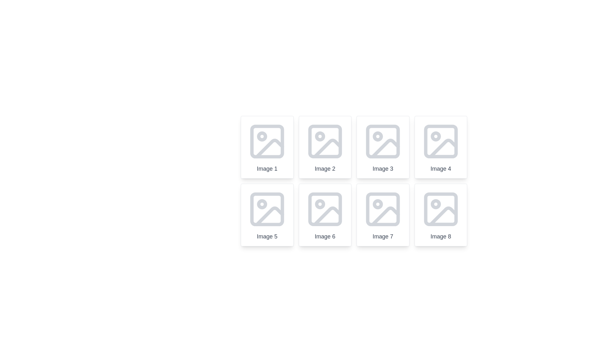 This screenshot has width=609, height=342. Describe the element at coordinates (267, 147) in the screenshot. I see `the top-left button in the grid layout, which represents 'Image 1'` at that location.